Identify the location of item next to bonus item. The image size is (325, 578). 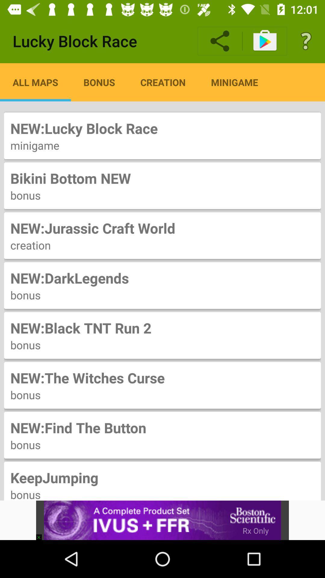
(35, 82).